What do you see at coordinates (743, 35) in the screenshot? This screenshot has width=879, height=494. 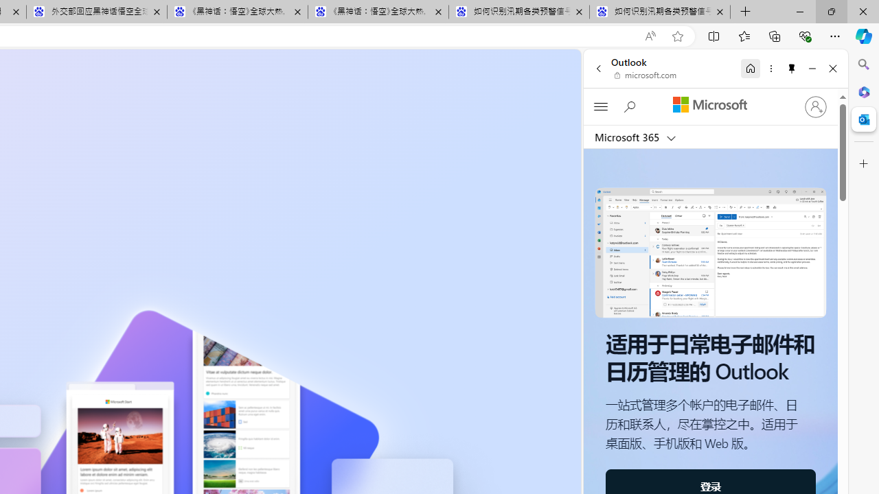 I see `'Favorites'` at bounding box center [743, 35].